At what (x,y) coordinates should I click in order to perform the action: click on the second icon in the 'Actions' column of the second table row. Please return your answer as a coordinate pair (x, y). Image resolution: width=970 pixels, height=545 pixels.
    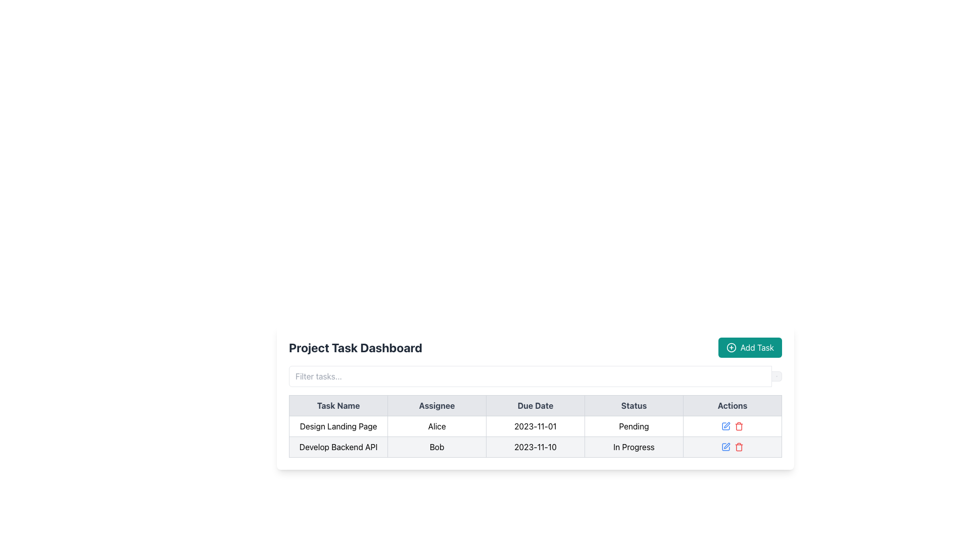
    Looking at the image, I should click on (726, 445).